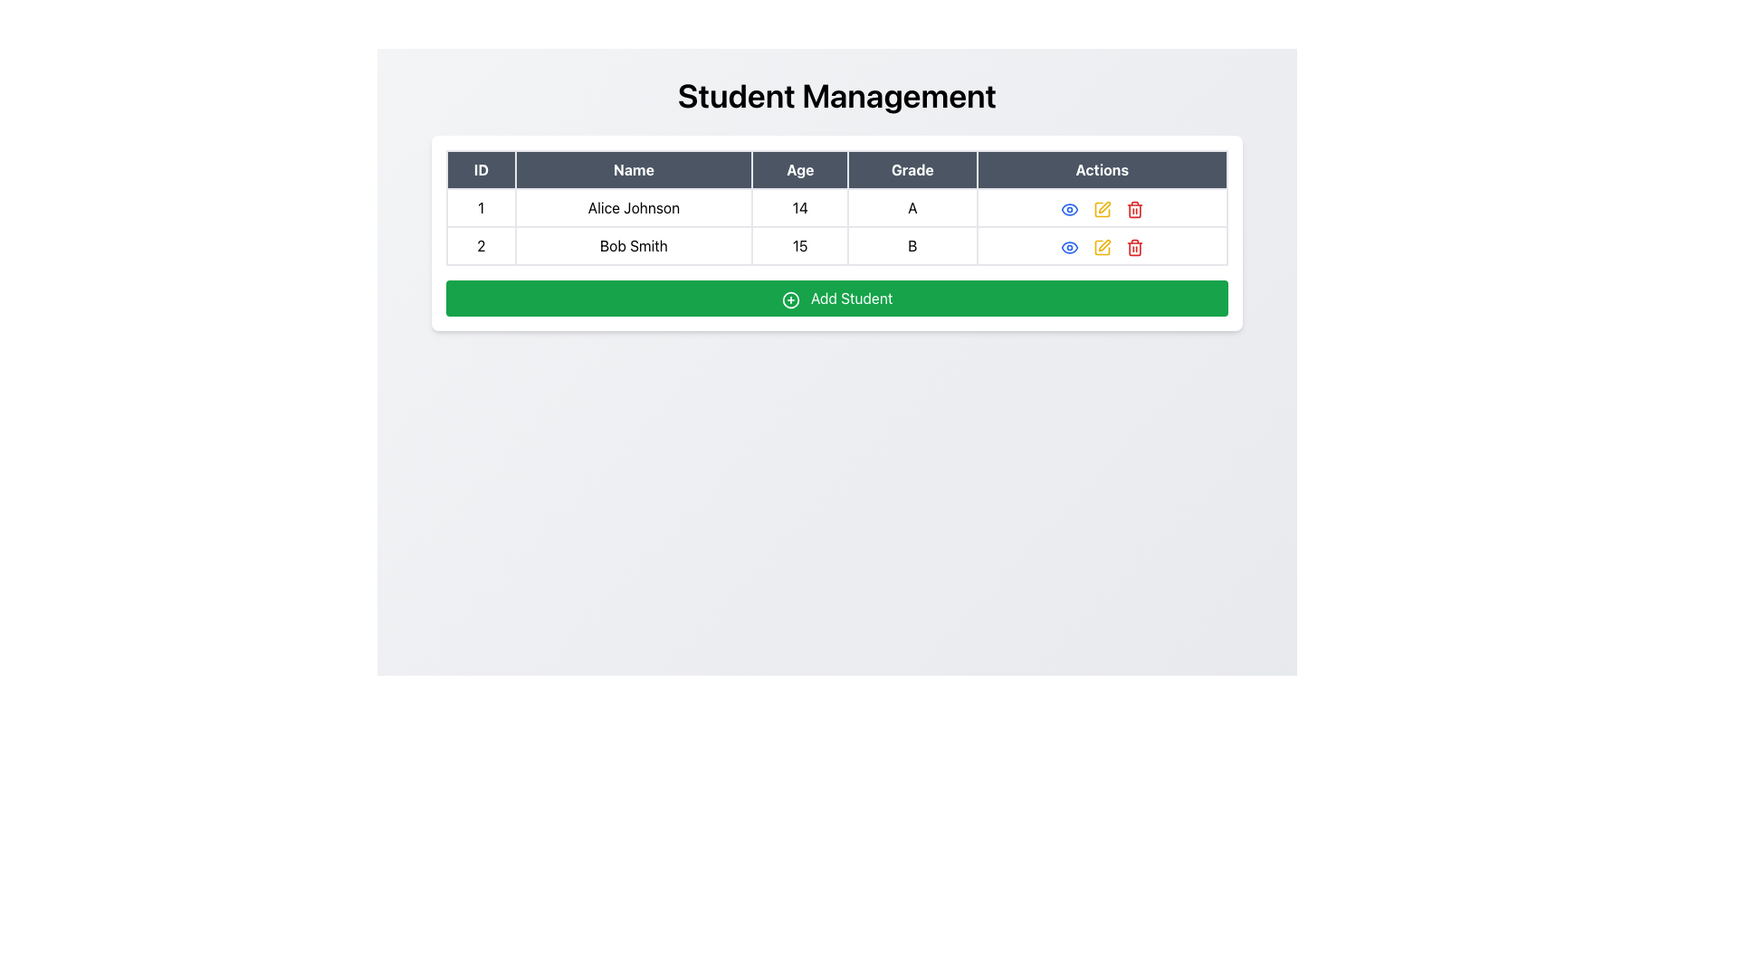  I want to click on the trash can icon button in the 'Actions' column of the last row, so click(1133, 246).